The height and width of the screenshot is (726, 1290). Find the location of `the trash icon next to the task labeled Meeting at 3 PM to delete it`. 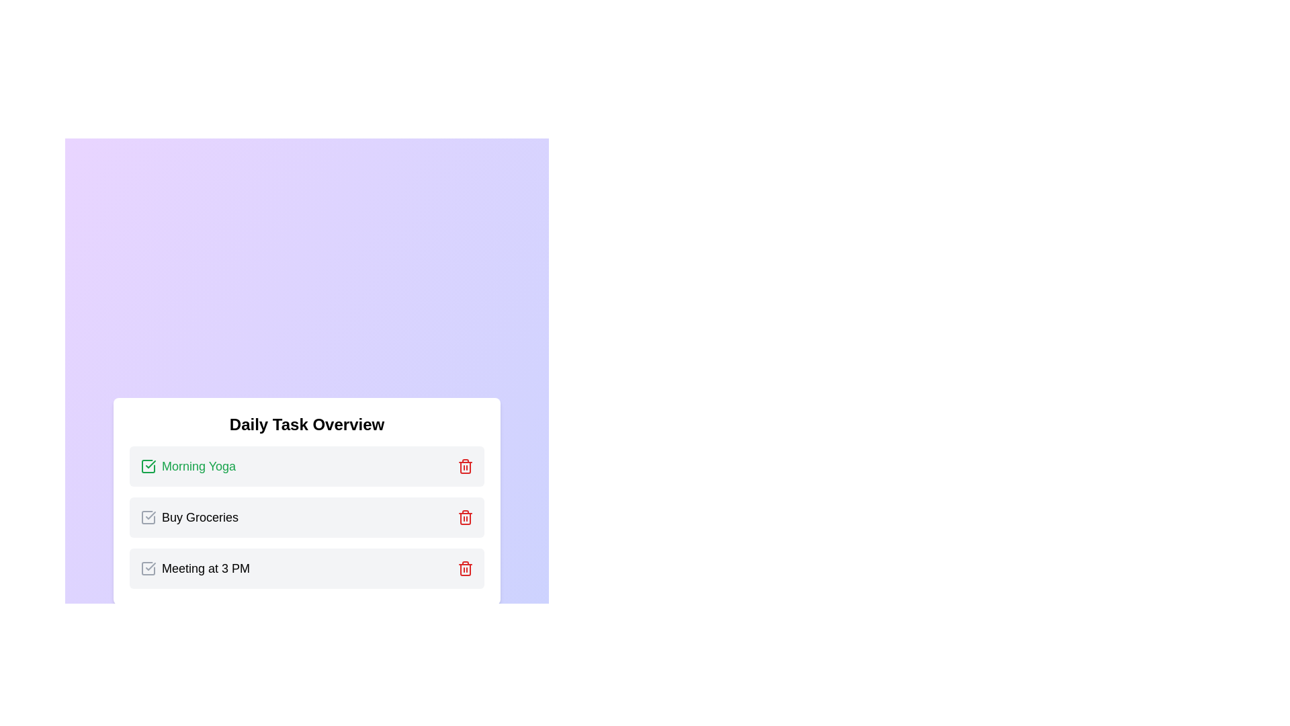

the trash icon next to the task labeled Meeting at 3 PM to delete it is located at coordinates (465, 568).